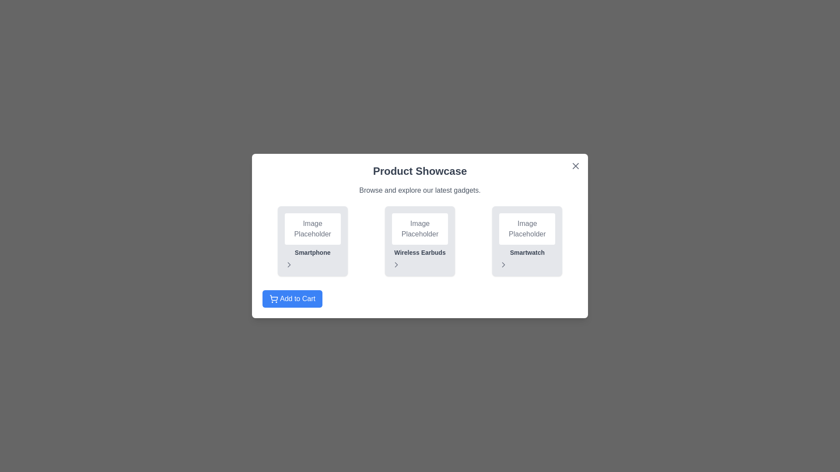 This screenshot has height=472, width=840. What do you see at coordinates (312, 229) in the screenshot?
I see `the placeholder text area that represents where an image might be displayed in the upper section of the first card labeled 'Smartphone'` at bounding box center [312, 229].